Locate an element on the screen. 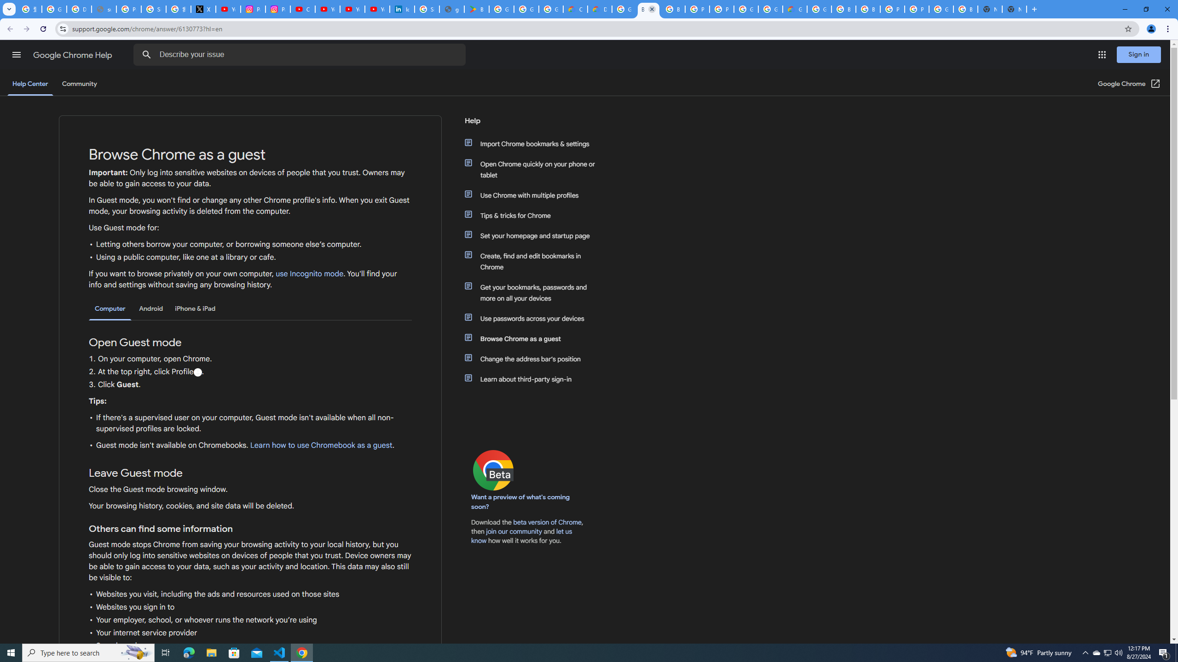  'Learn about third-party sign-in' is located at coordinates (535, 379).